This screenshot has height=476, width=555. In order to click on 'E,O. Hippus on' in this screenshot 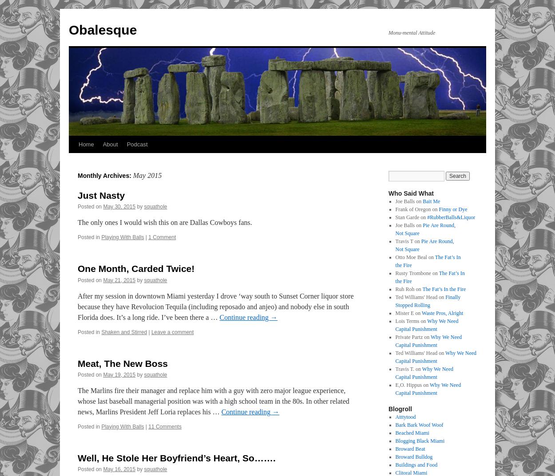, I will do `click(412, 384)`.